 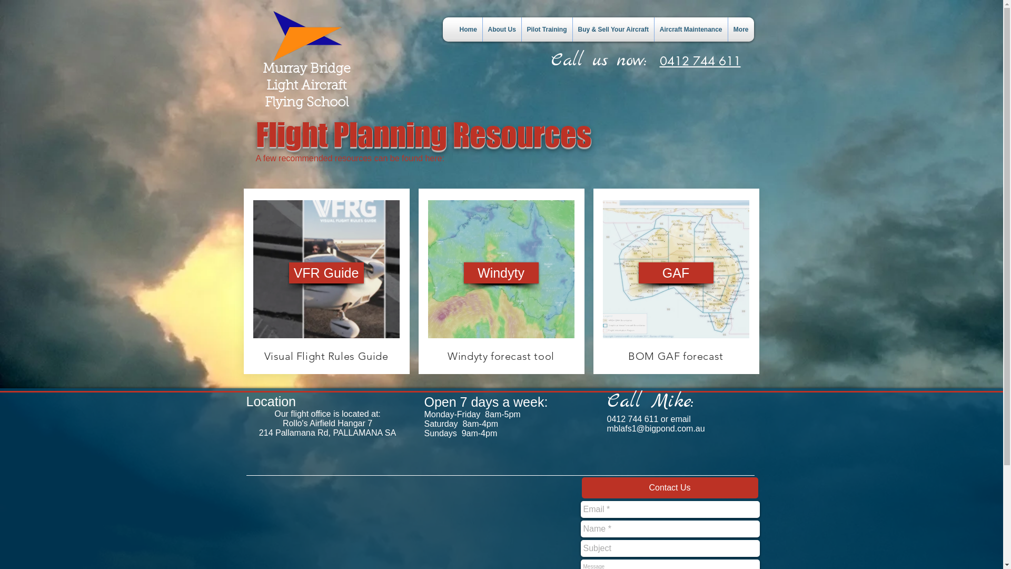 I want to click on 'Windyty', so click(x=500, y=272).